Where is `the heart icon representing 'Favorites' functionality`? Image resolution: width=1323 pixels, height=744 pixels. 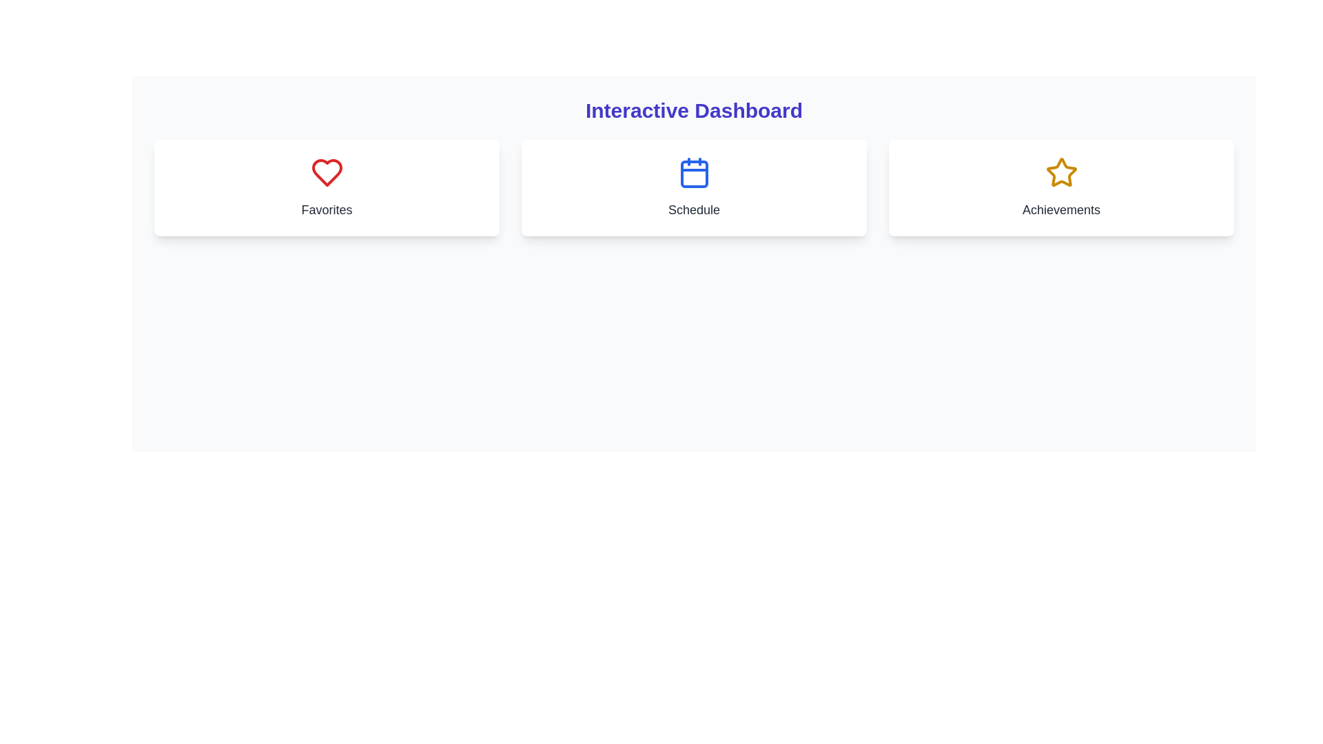
the heart icon representing 'Favorites' functionality is located at coordinates (326, 172).